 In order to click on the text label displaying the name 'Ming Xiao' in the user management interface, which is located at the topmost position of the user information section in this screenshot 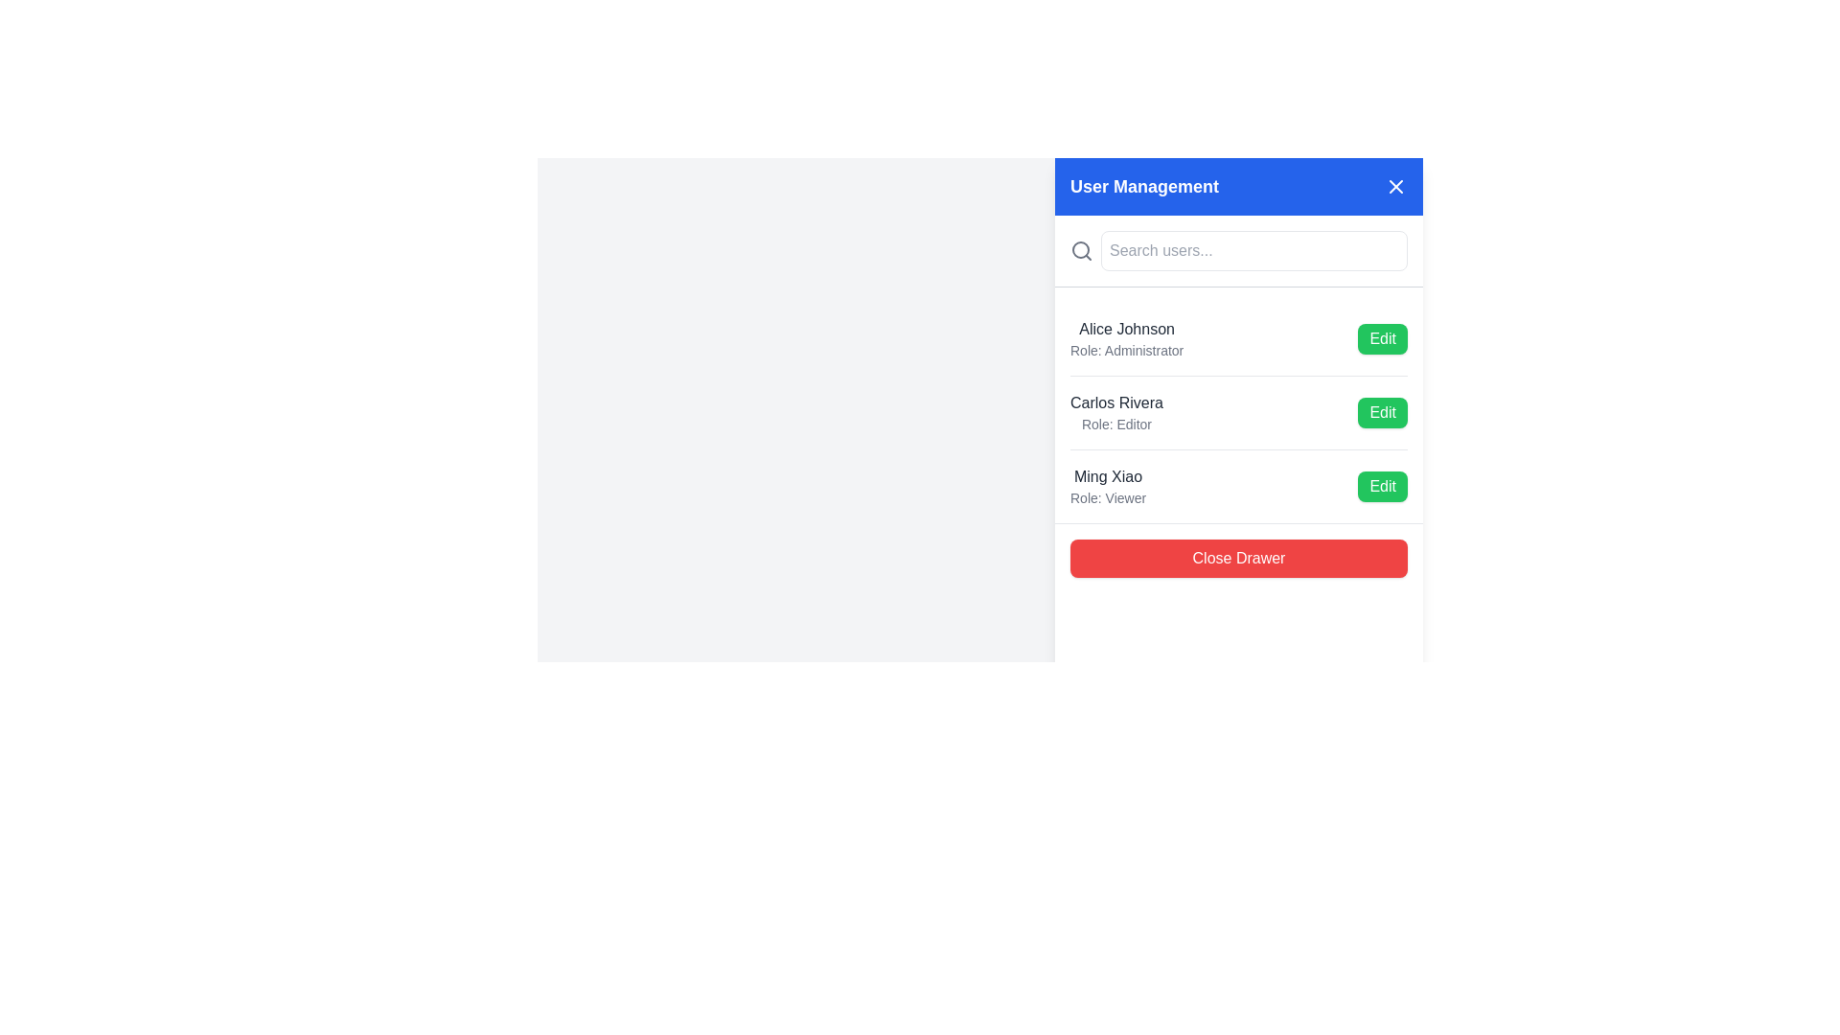, I will do `click(1108, 475)`.